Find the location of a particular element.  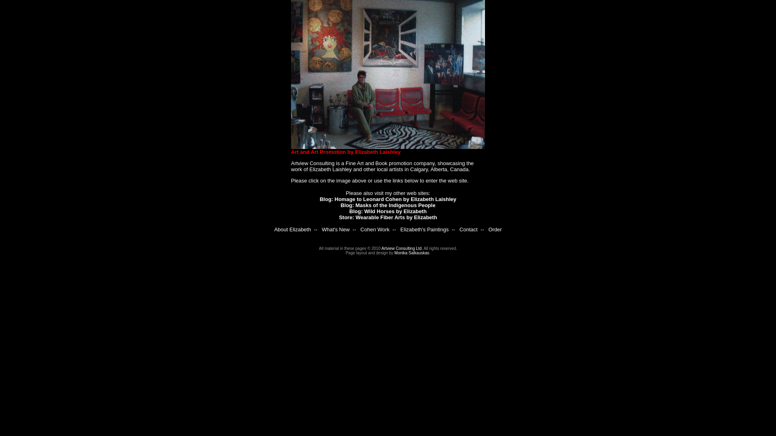

'Art and Art Promotion by Elizabeth Laishley' is located at coordinates (346, 152).